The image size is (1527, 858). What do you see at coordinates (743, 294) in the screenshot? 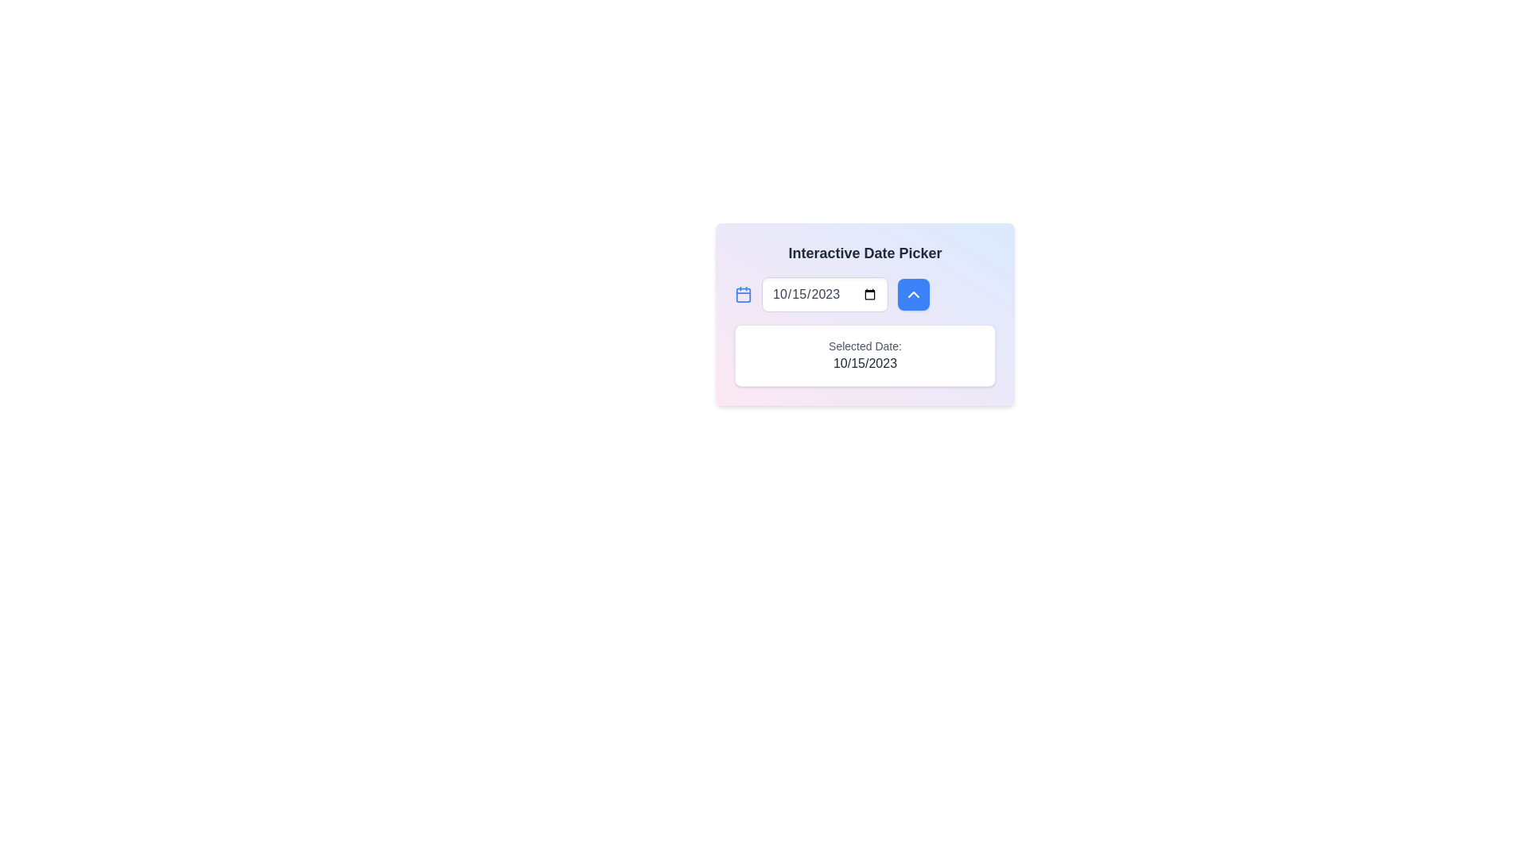
I see `the calendar icon located in the upper-left section of the date selection field` at bounding box center [743, 294].